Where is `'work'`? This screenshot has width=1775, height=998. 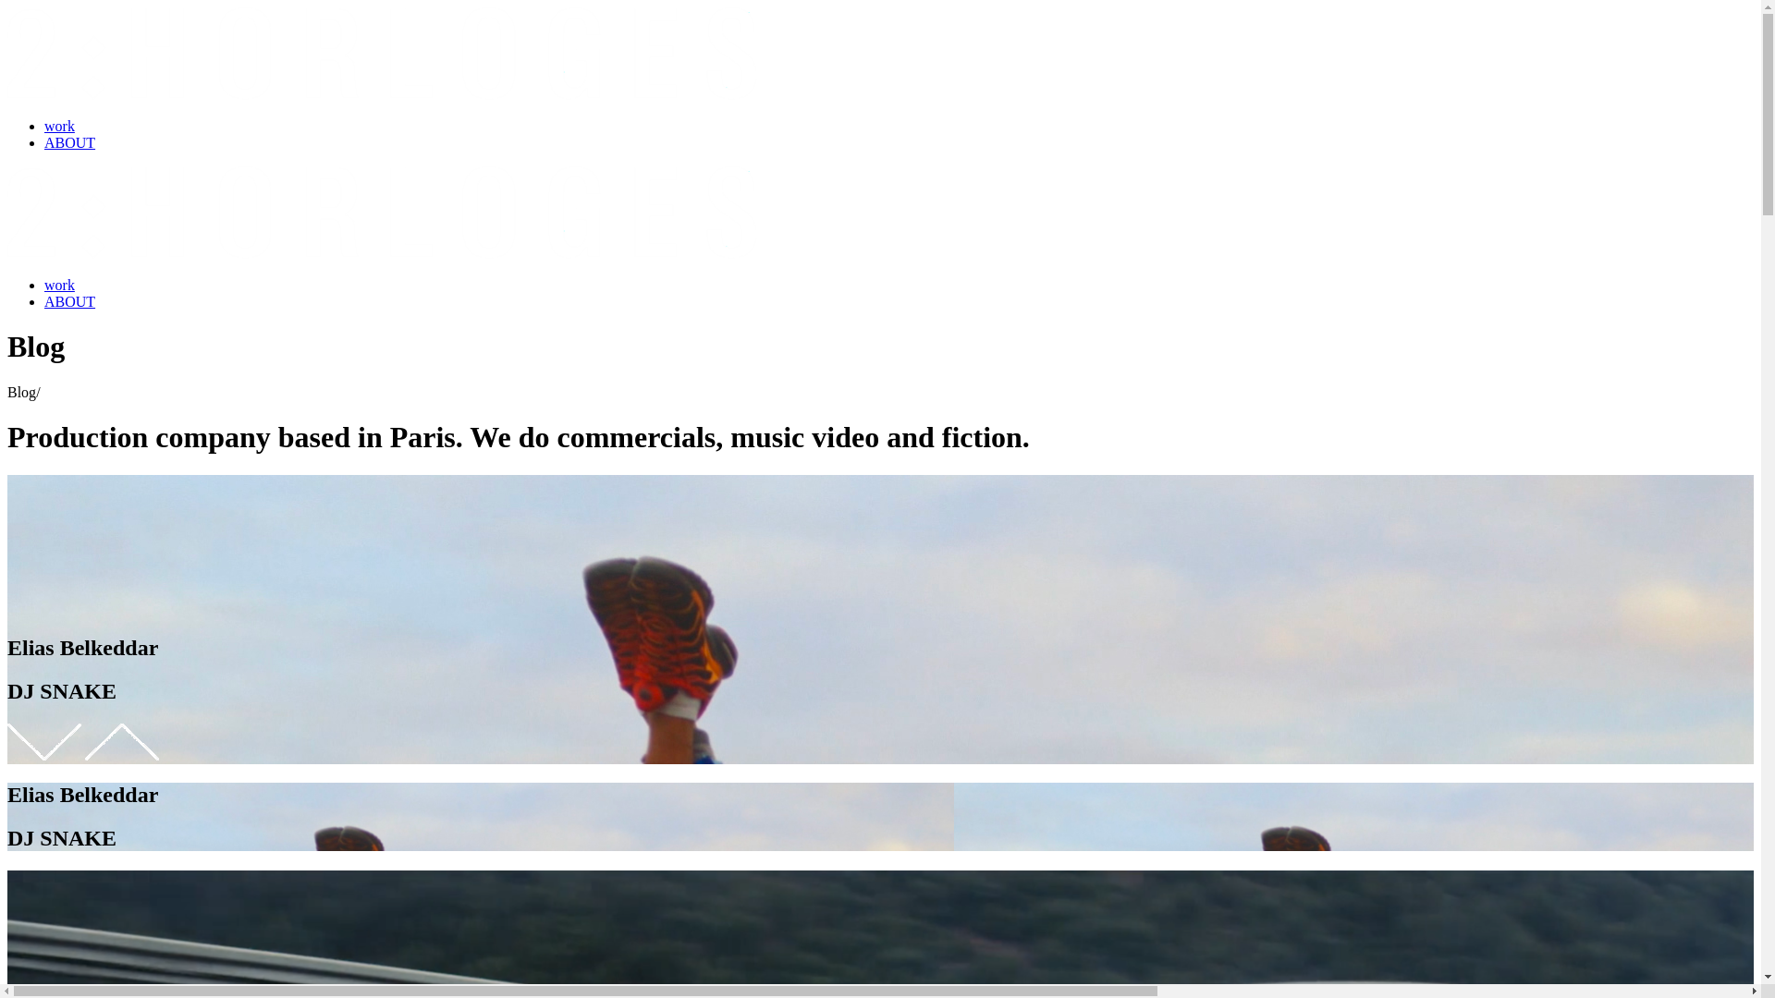
'work' is located at coordinates (59, 285).